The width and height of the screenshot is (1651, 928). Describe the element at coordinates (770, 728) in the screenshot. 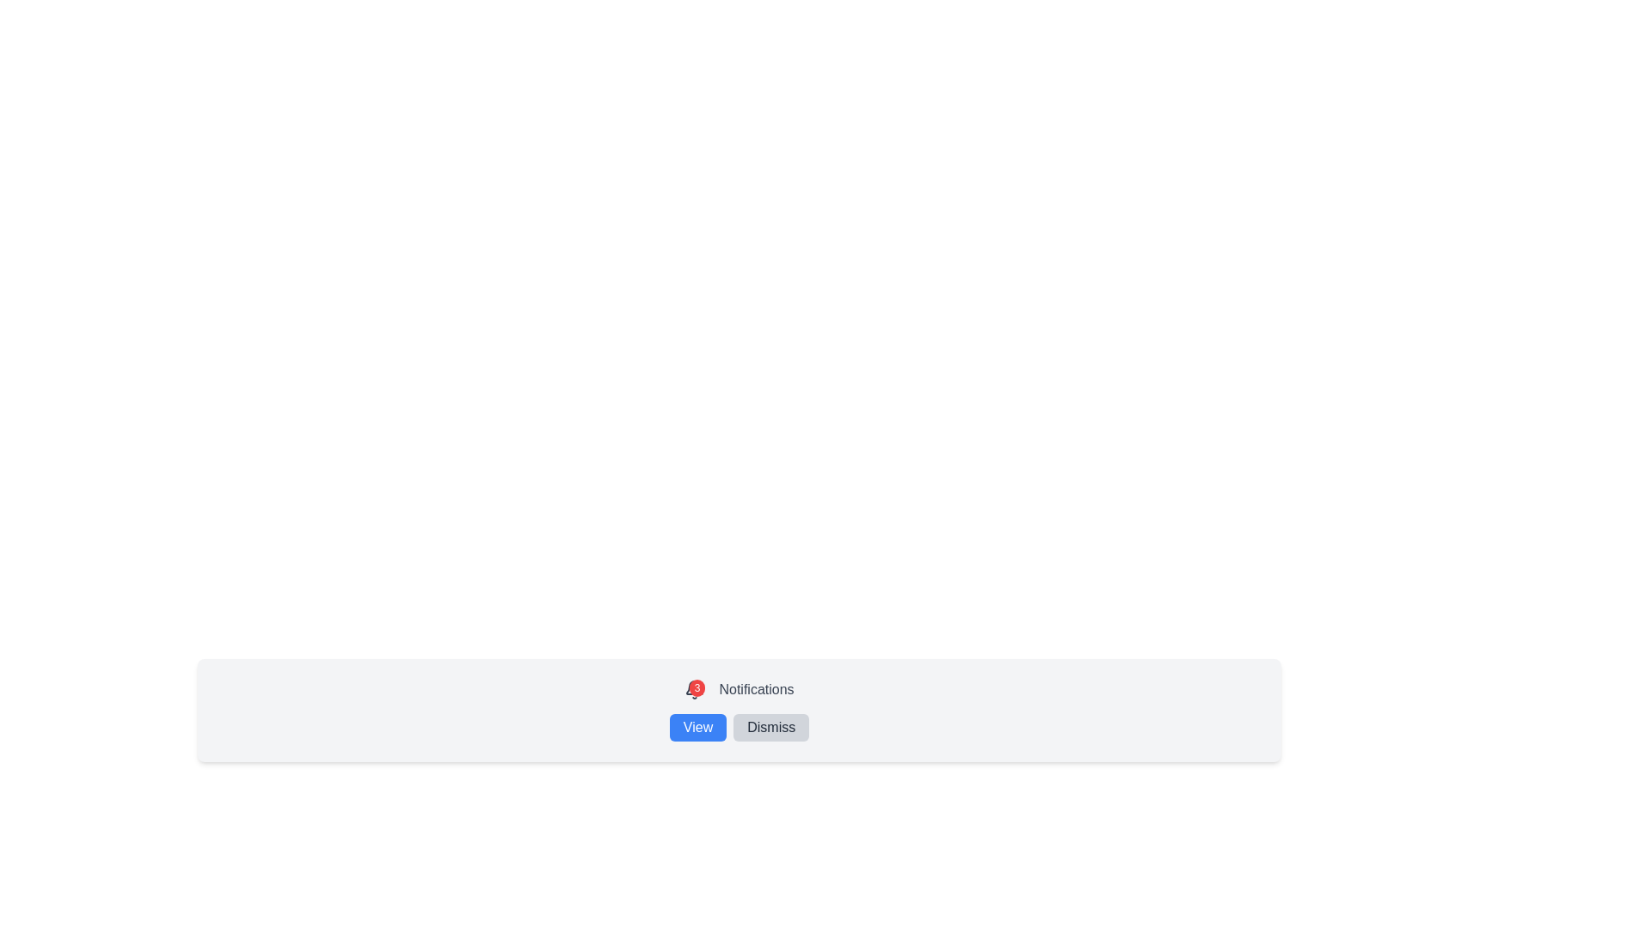

I see `the button located to the right of the 'View' button in the lower section of the UI to observe the color change` at that location.